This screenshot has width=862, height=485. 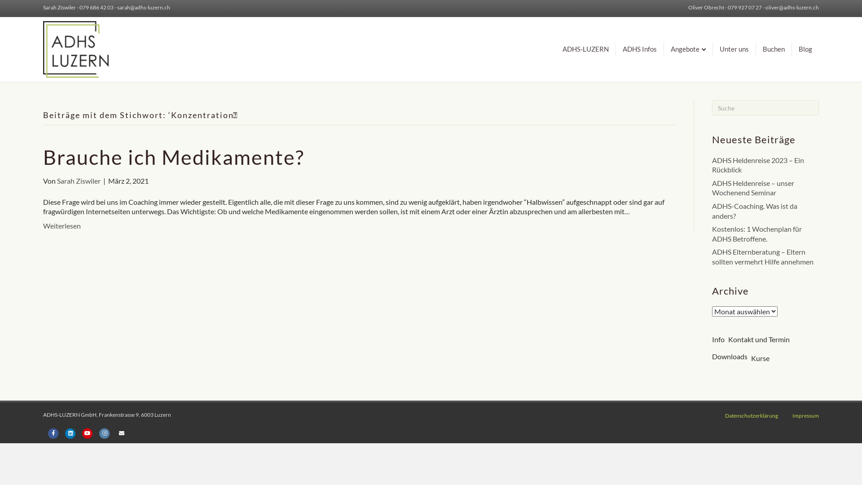 What do you see at coordinates (754, 211) in the screenshot?
I see `'ADHS-Coaching. Was ist da anders?'` at bounding box center [754, 211].